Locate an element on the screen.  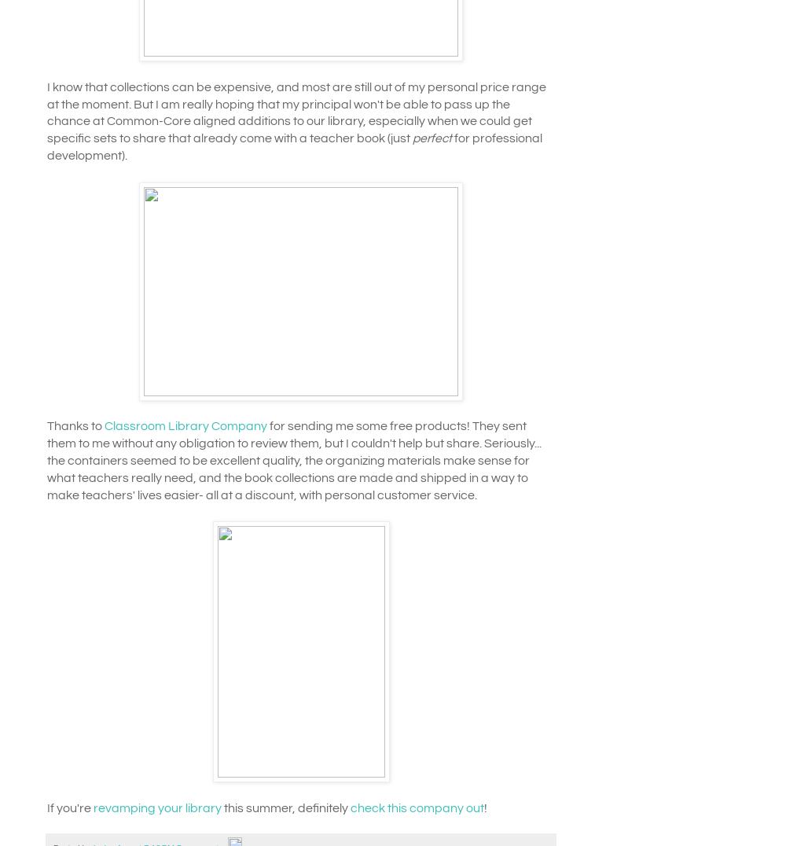
'!' is located at coordinates (485, 807).